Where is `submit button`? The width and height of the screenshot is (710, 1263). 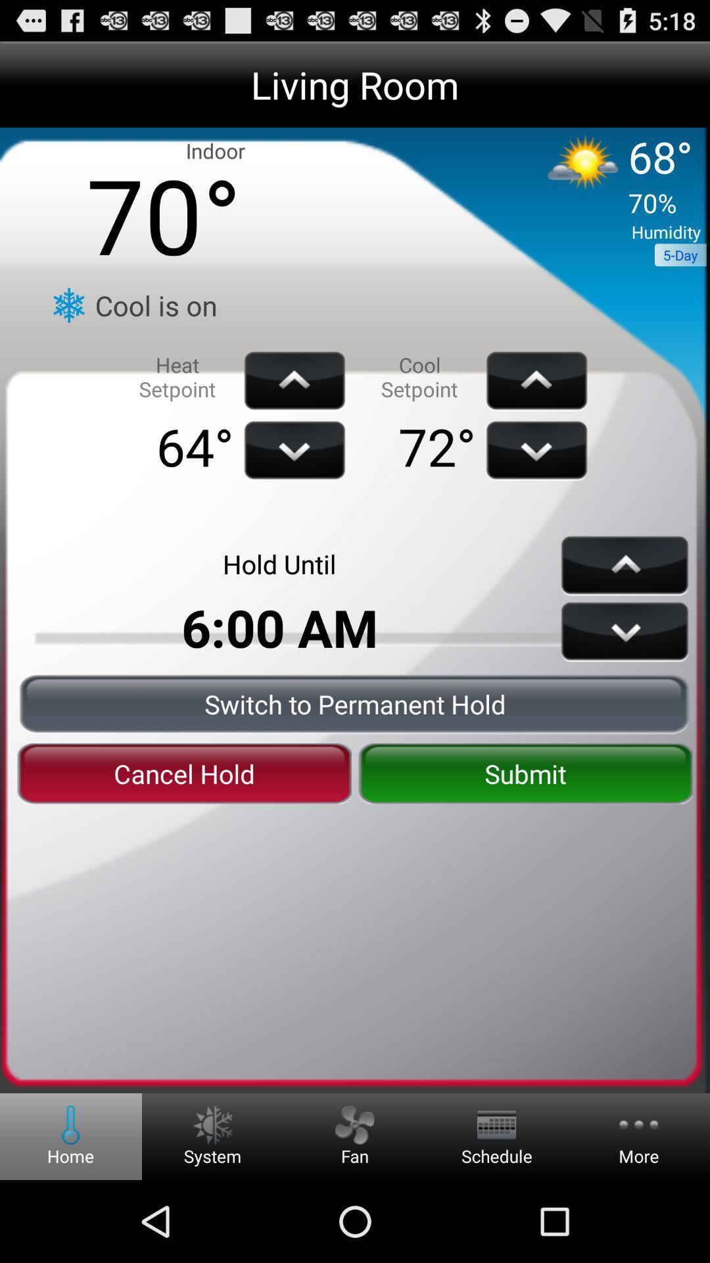
submit button is located at coordinates (525, 774).